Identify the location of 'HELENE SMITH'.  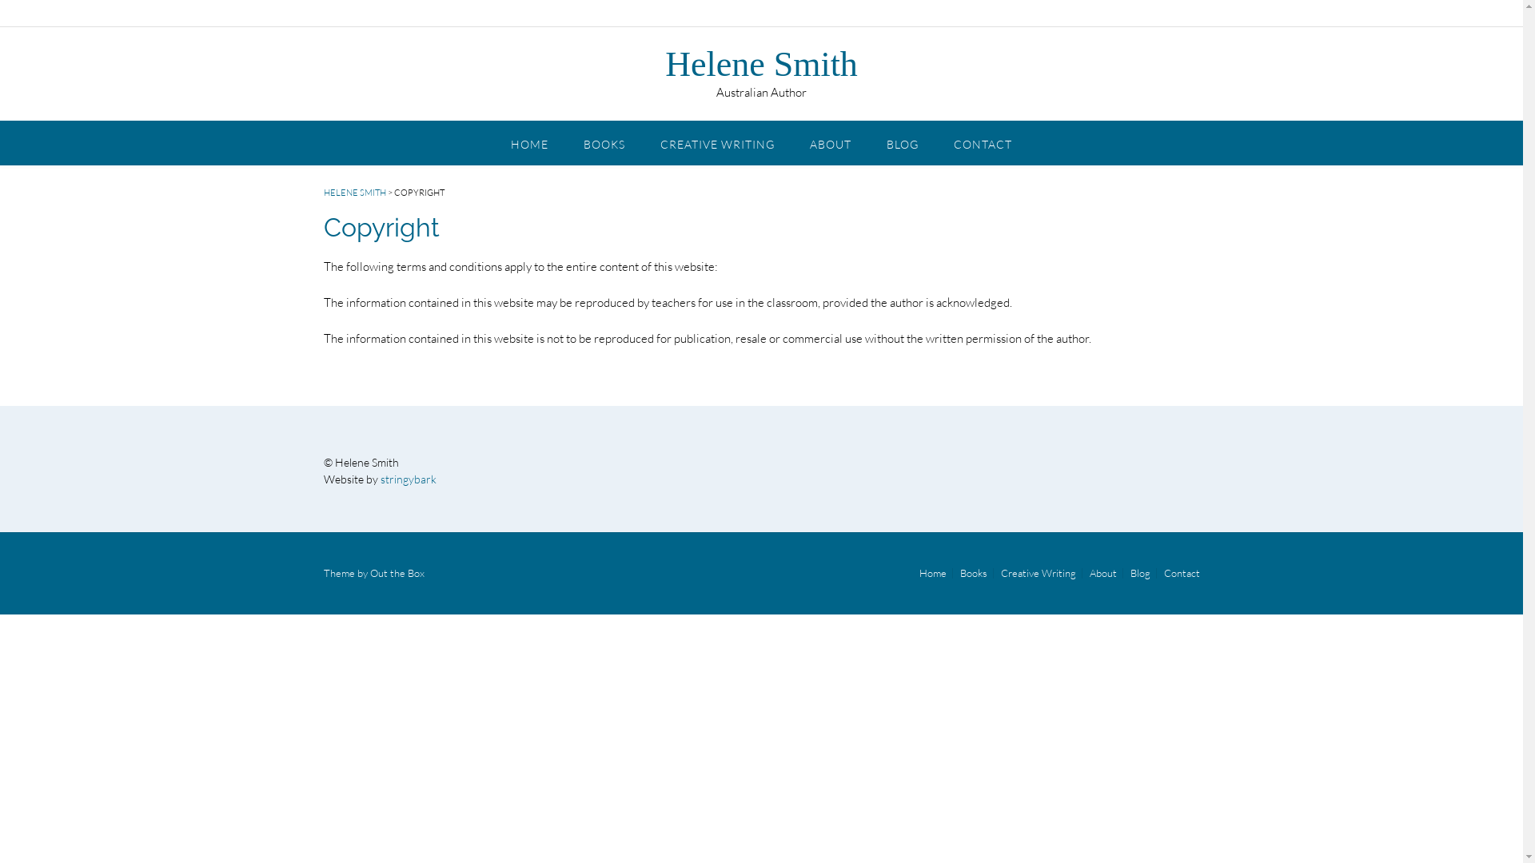
(353, 191).